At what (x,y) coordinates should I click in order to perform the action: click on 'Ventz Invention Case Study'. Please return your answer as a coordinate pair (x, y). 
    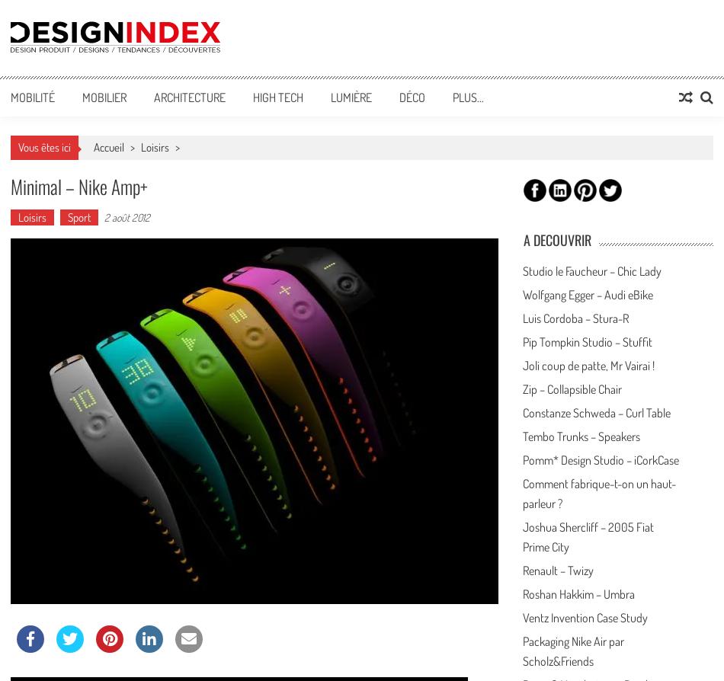
    Looking at the image, I should click on (522, 615).